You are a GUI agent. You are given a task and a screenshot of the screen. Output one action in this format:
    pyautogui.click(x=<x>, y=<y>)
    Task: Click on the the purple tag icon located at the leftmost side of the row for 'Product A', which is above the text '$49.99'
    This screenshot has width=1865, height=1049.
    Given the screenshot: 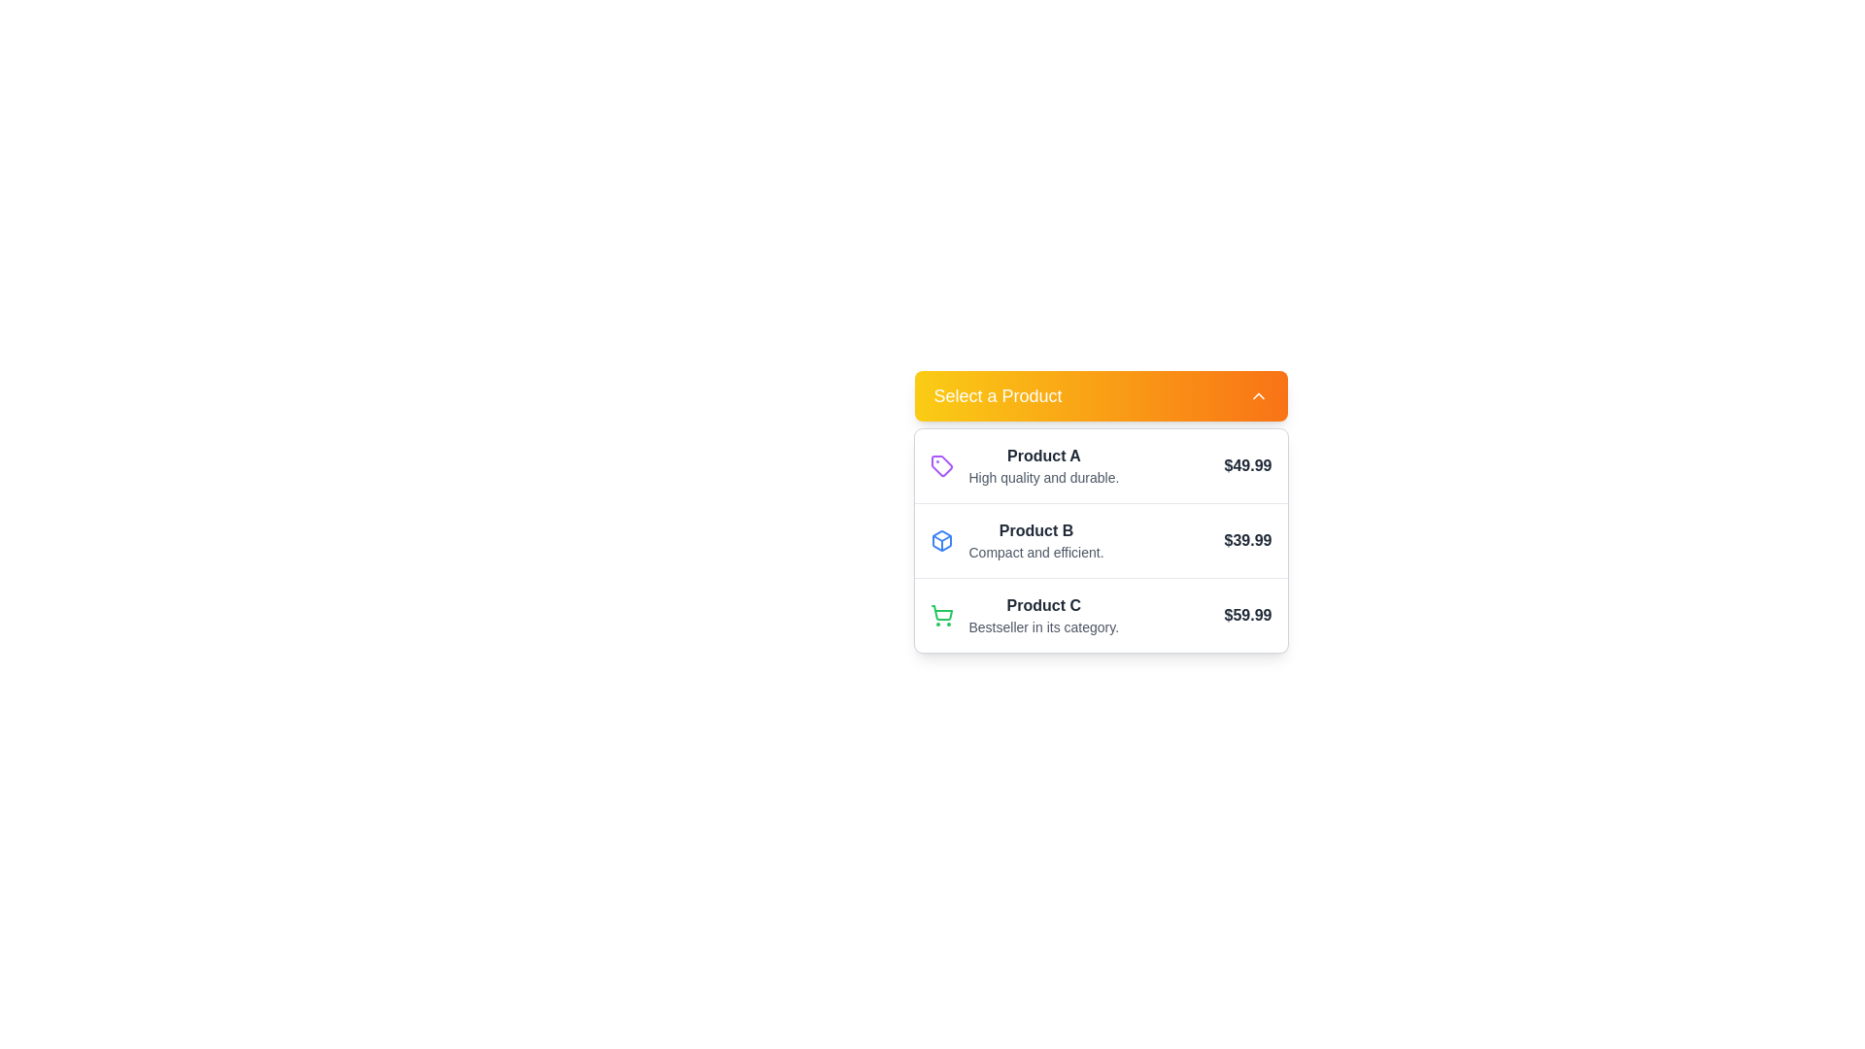 What is the action you would take?
    pyautogui.click(x=941, y=465)
    